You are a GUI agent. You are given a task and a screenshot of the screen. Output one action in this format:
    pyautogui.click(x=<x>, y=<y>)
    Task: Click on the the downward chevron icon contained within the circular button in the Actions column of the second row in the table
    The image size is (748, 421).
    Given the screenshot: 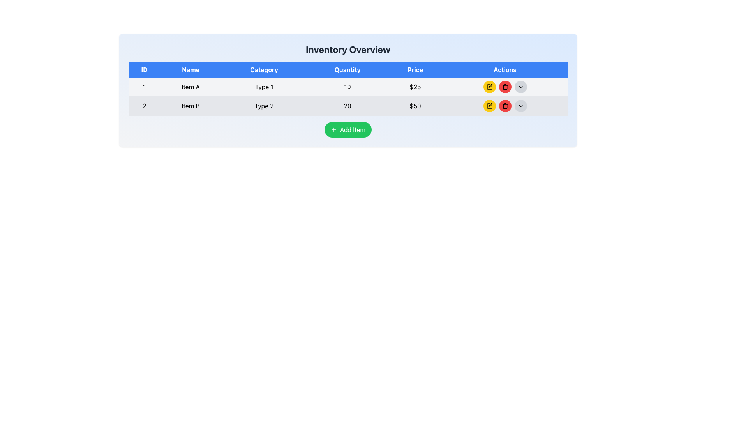 What is the action you would take?
    pyautogui.click(x=520, y=106)
    